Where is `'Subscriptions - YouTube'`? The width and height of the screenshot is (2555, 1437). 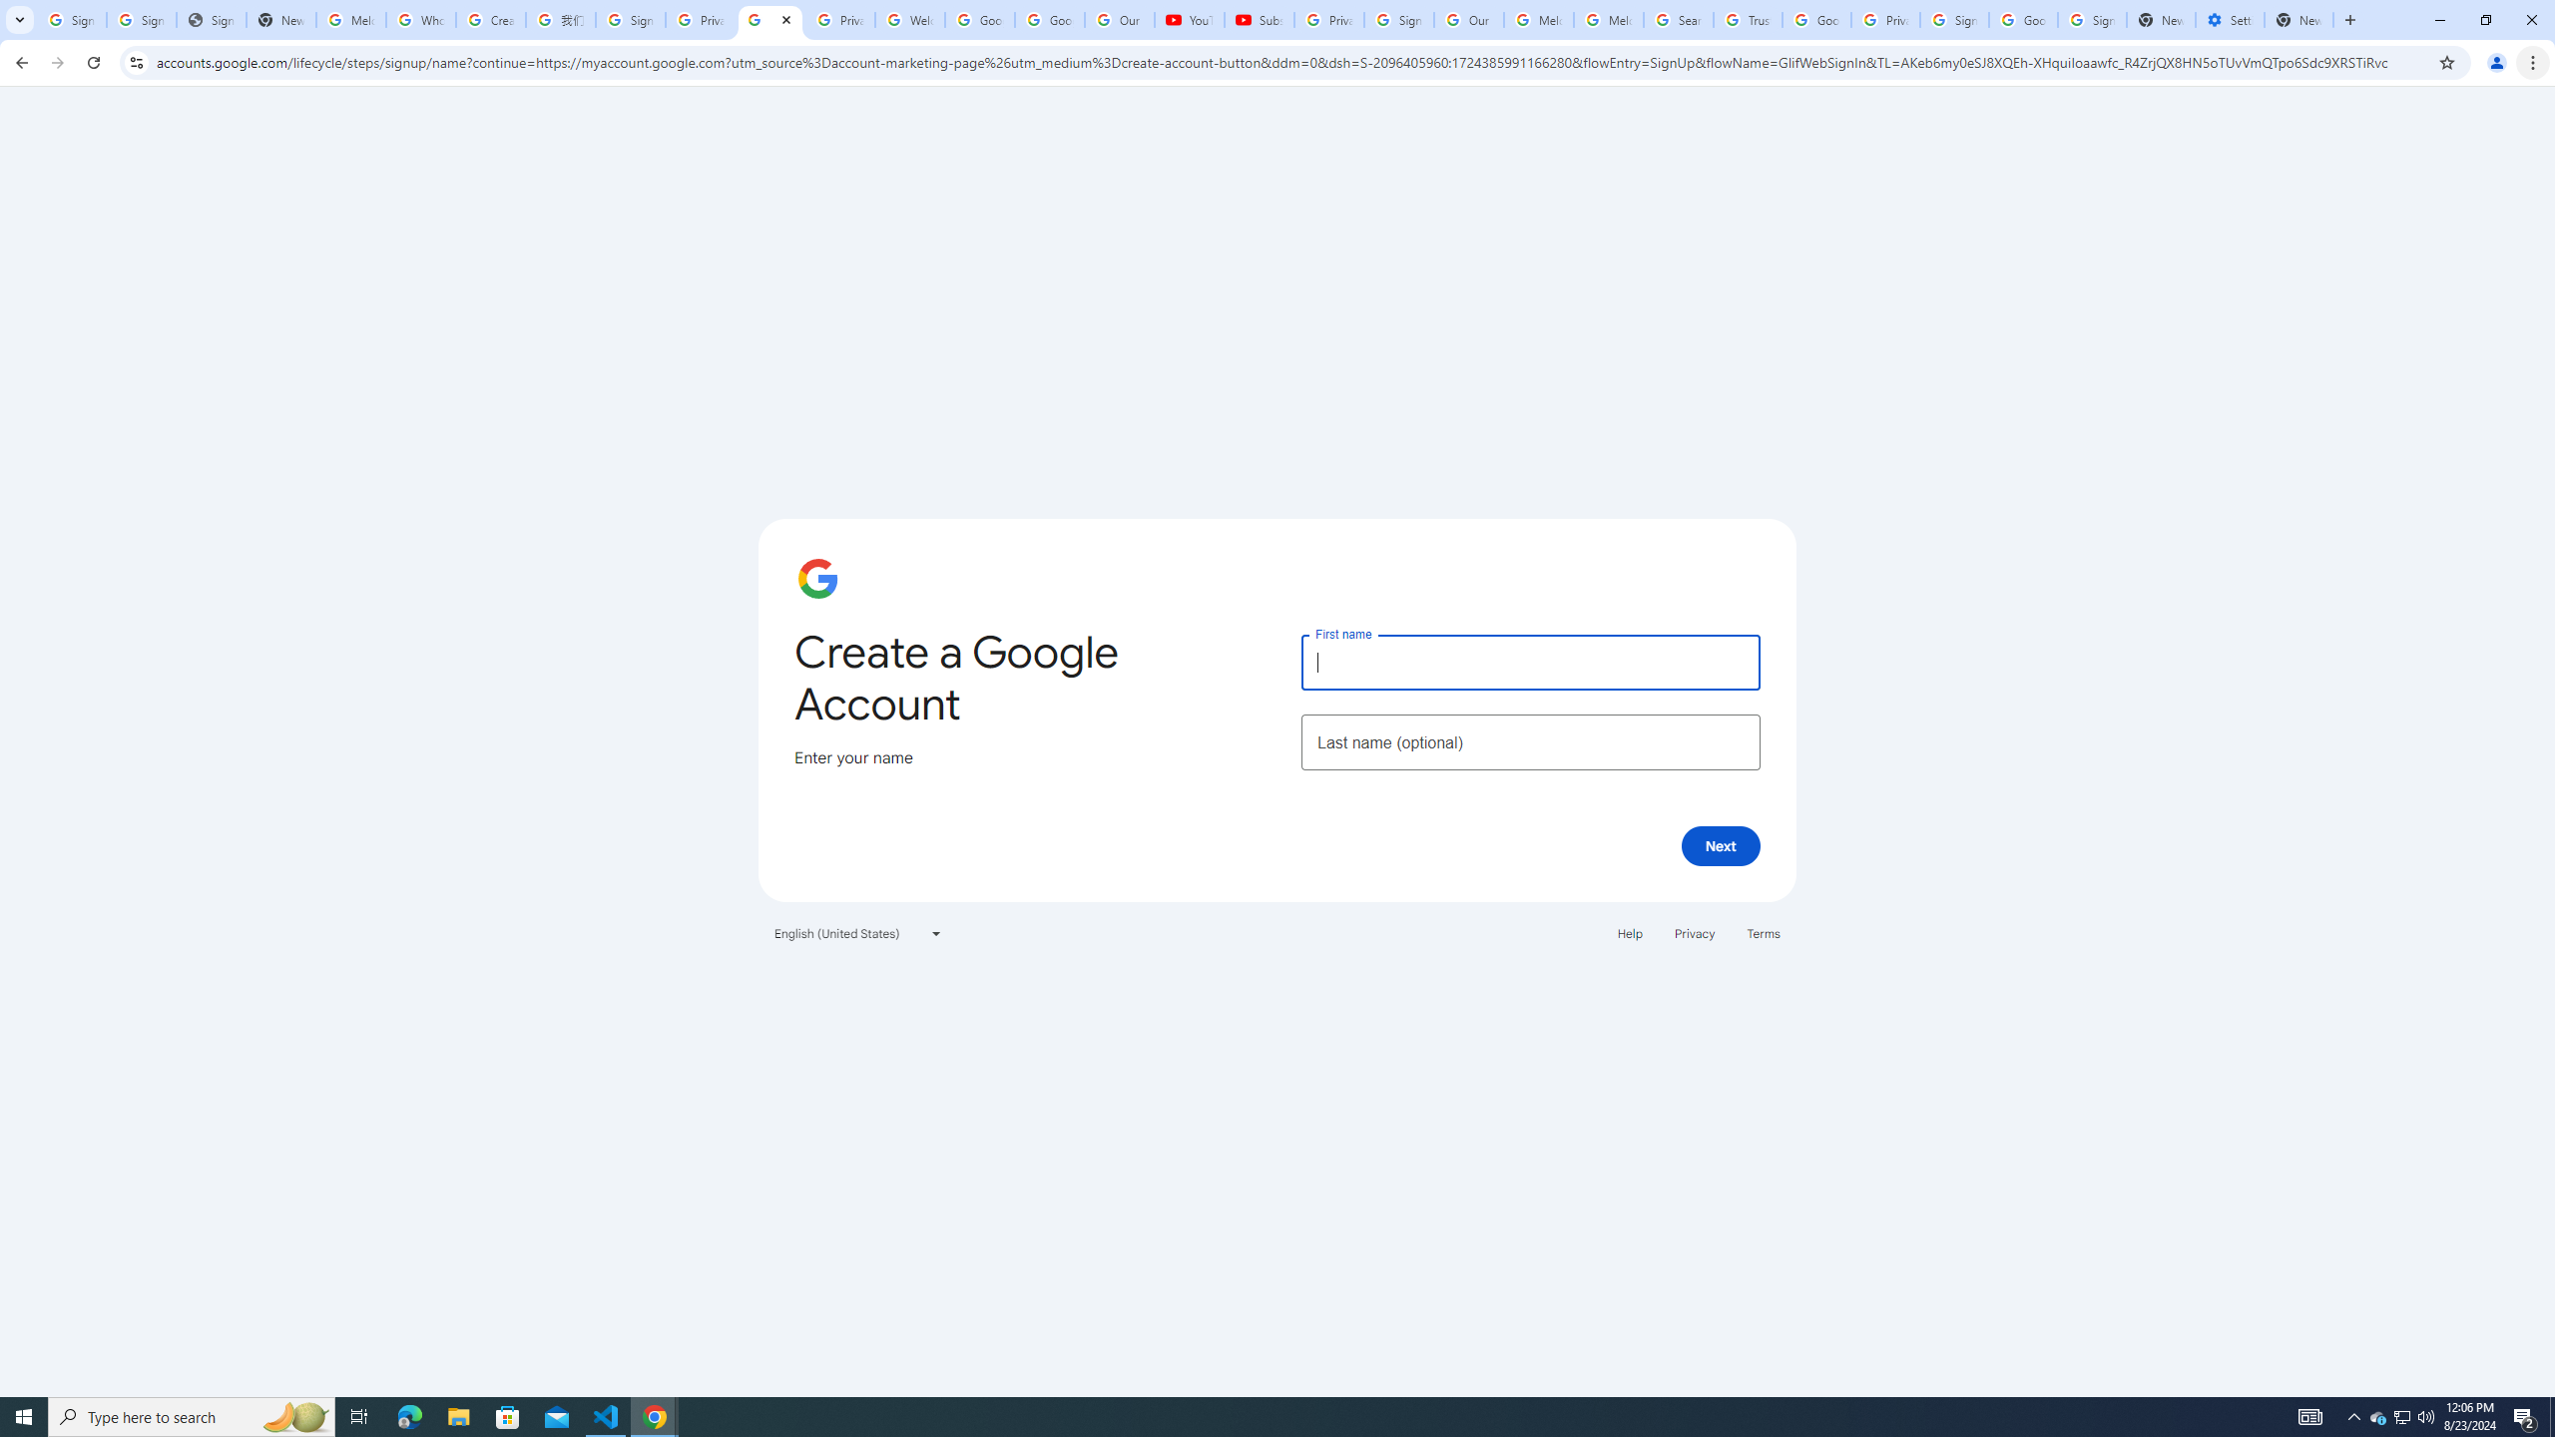 'Subscriptions - YouTube' is located at coordinates (1259, 19).